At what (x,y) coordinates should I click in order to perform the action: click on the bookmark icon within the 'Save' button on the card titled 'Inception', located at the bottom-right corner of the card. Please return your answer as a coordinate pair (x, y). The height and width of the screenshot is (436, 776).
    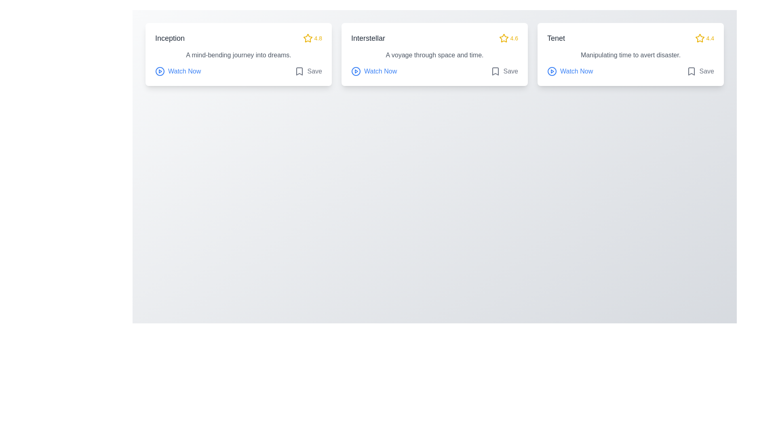
    Looking at the image, I should click on (299, 71).